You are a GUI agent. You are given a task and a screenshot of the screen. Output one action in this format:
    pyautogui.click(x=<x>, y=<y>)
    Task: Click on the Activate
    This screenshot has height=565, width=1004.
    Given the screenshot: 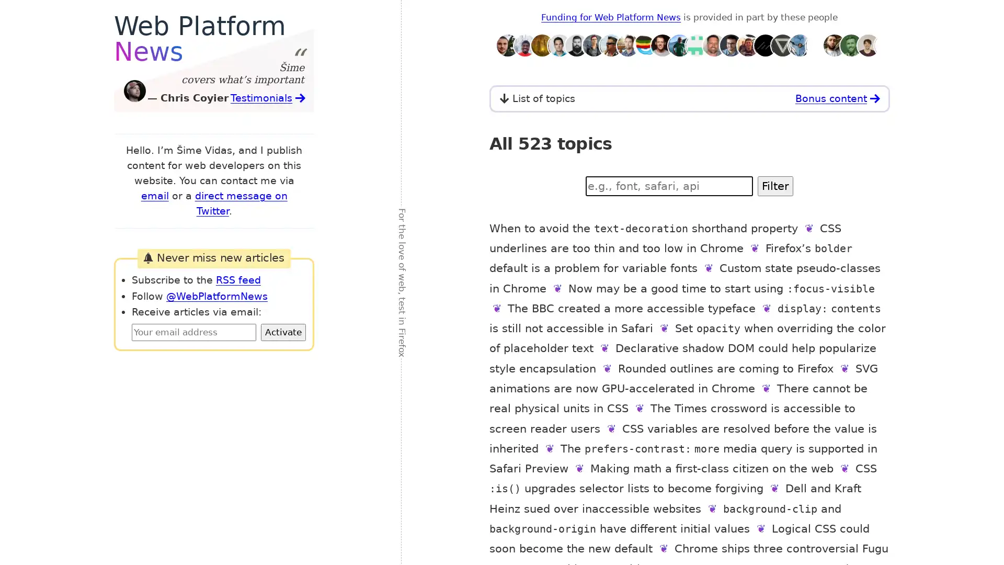 What is the action you would take?
    pyautogui.click(x=283, y=332)
    